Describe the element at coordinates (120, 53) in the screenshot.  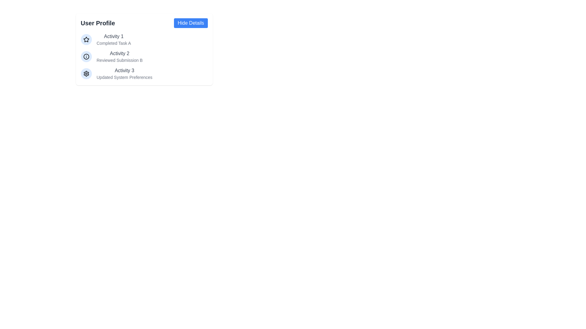
I see `the text label that acts as a title or identifier for the related activity, positioned between 'Activity 1' and 'Activity 3' in the vertically-arranged group of activities` at that location.